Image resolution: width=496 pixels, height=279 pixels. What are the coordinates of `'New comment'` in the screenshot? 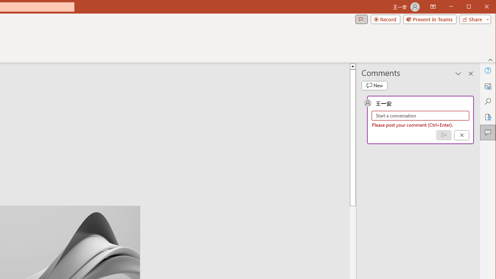 It's located at (374, 86).